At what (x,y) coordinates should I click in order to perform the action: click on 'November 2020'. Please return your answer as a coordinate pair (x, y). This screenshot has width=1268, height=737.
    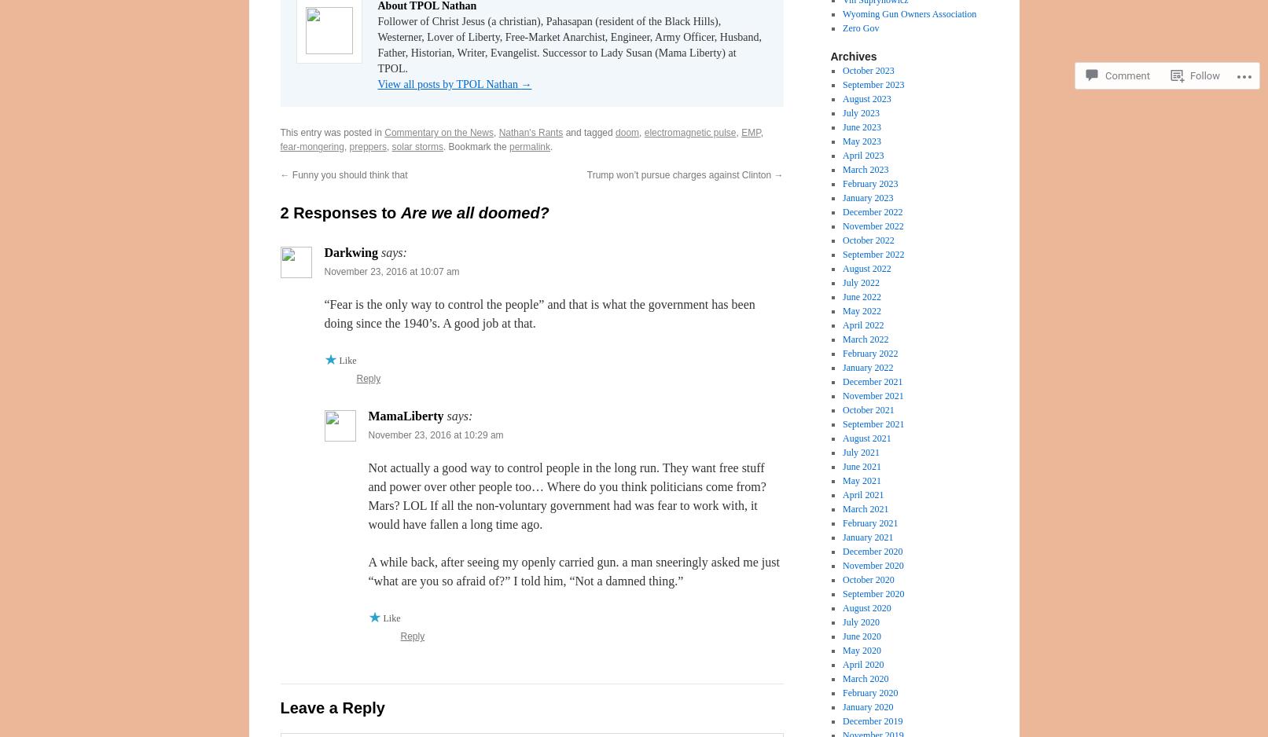
    Looking at the image, I should click on (872, 565).